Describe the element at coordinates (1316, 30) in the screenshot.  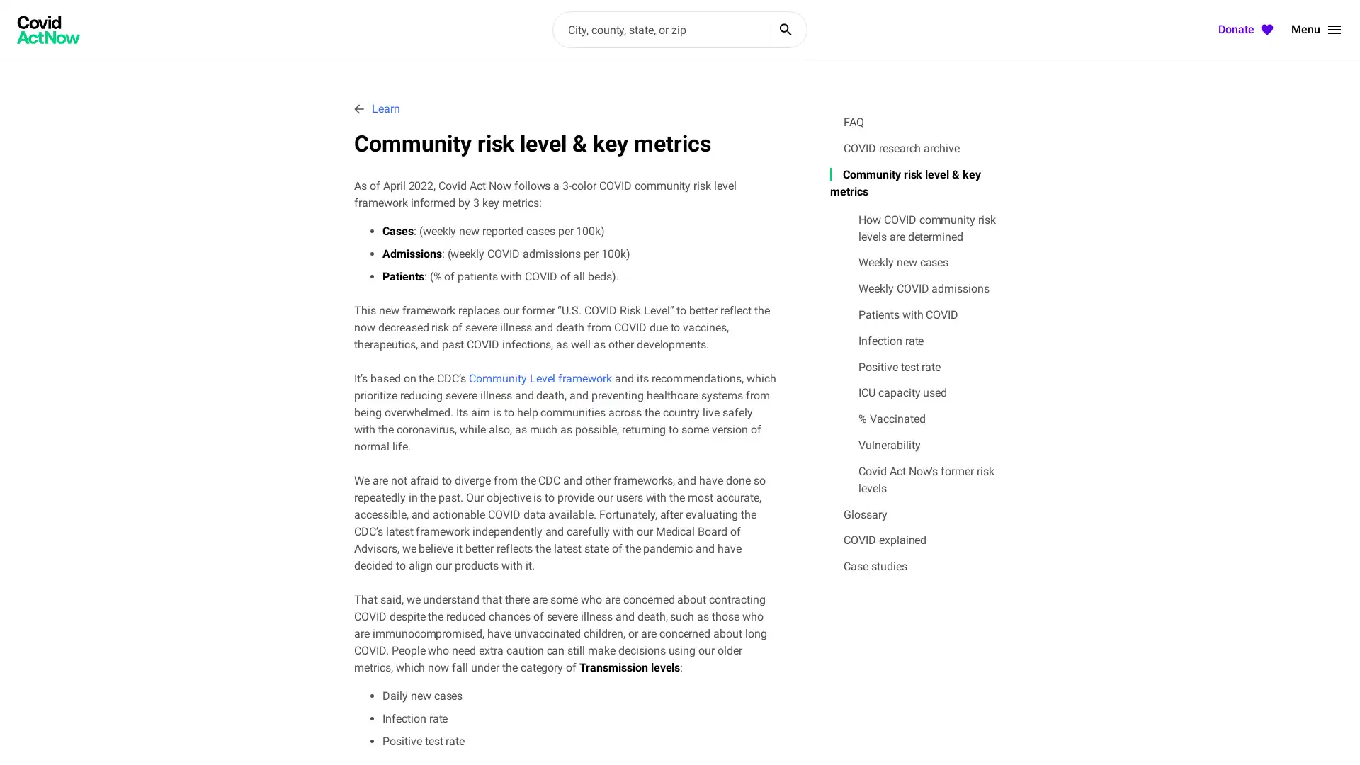
I see `Menu` at that location.